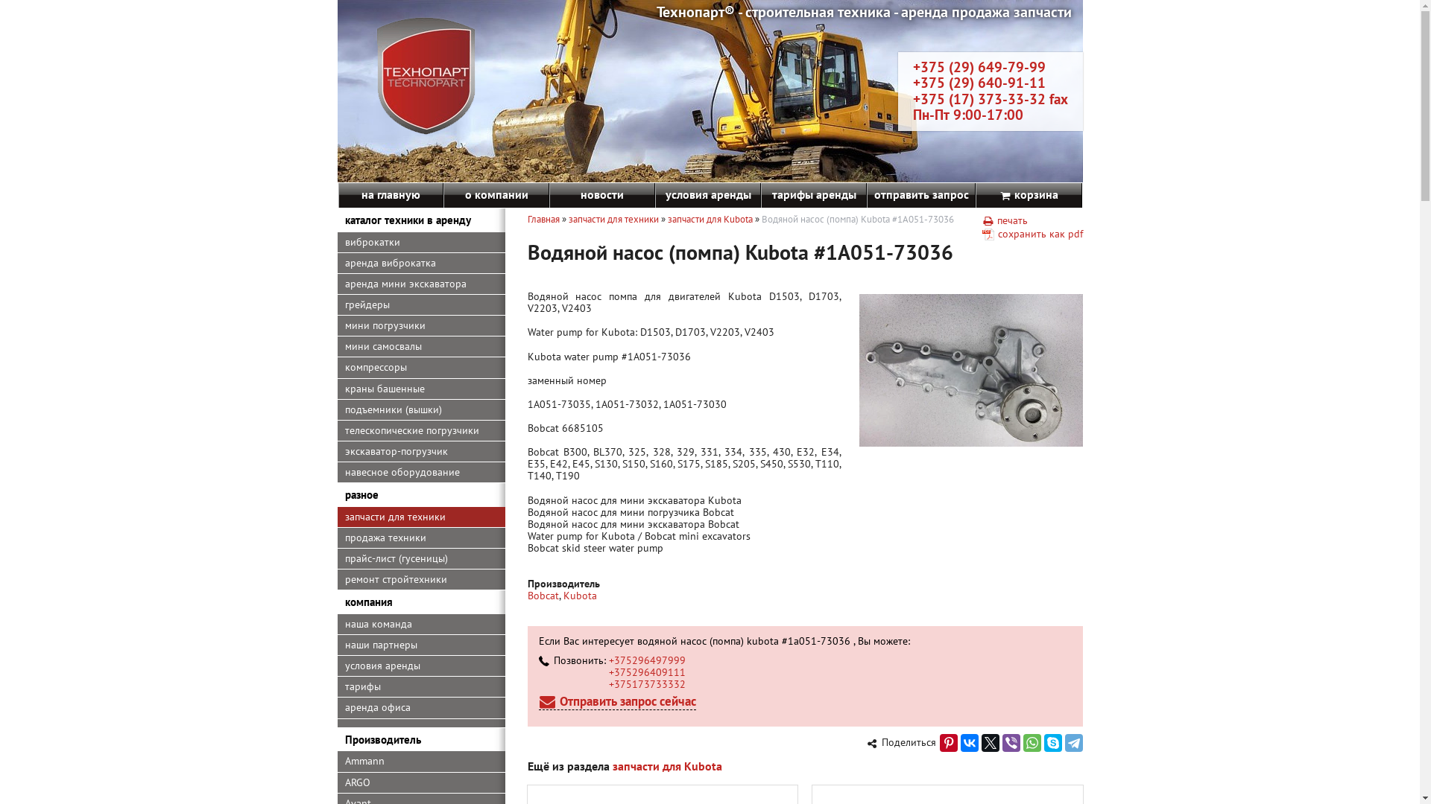 This screenshot has height=804, width=1431. I want to click on '+375 (17) 373-33-32 fax', so click(990, 98).